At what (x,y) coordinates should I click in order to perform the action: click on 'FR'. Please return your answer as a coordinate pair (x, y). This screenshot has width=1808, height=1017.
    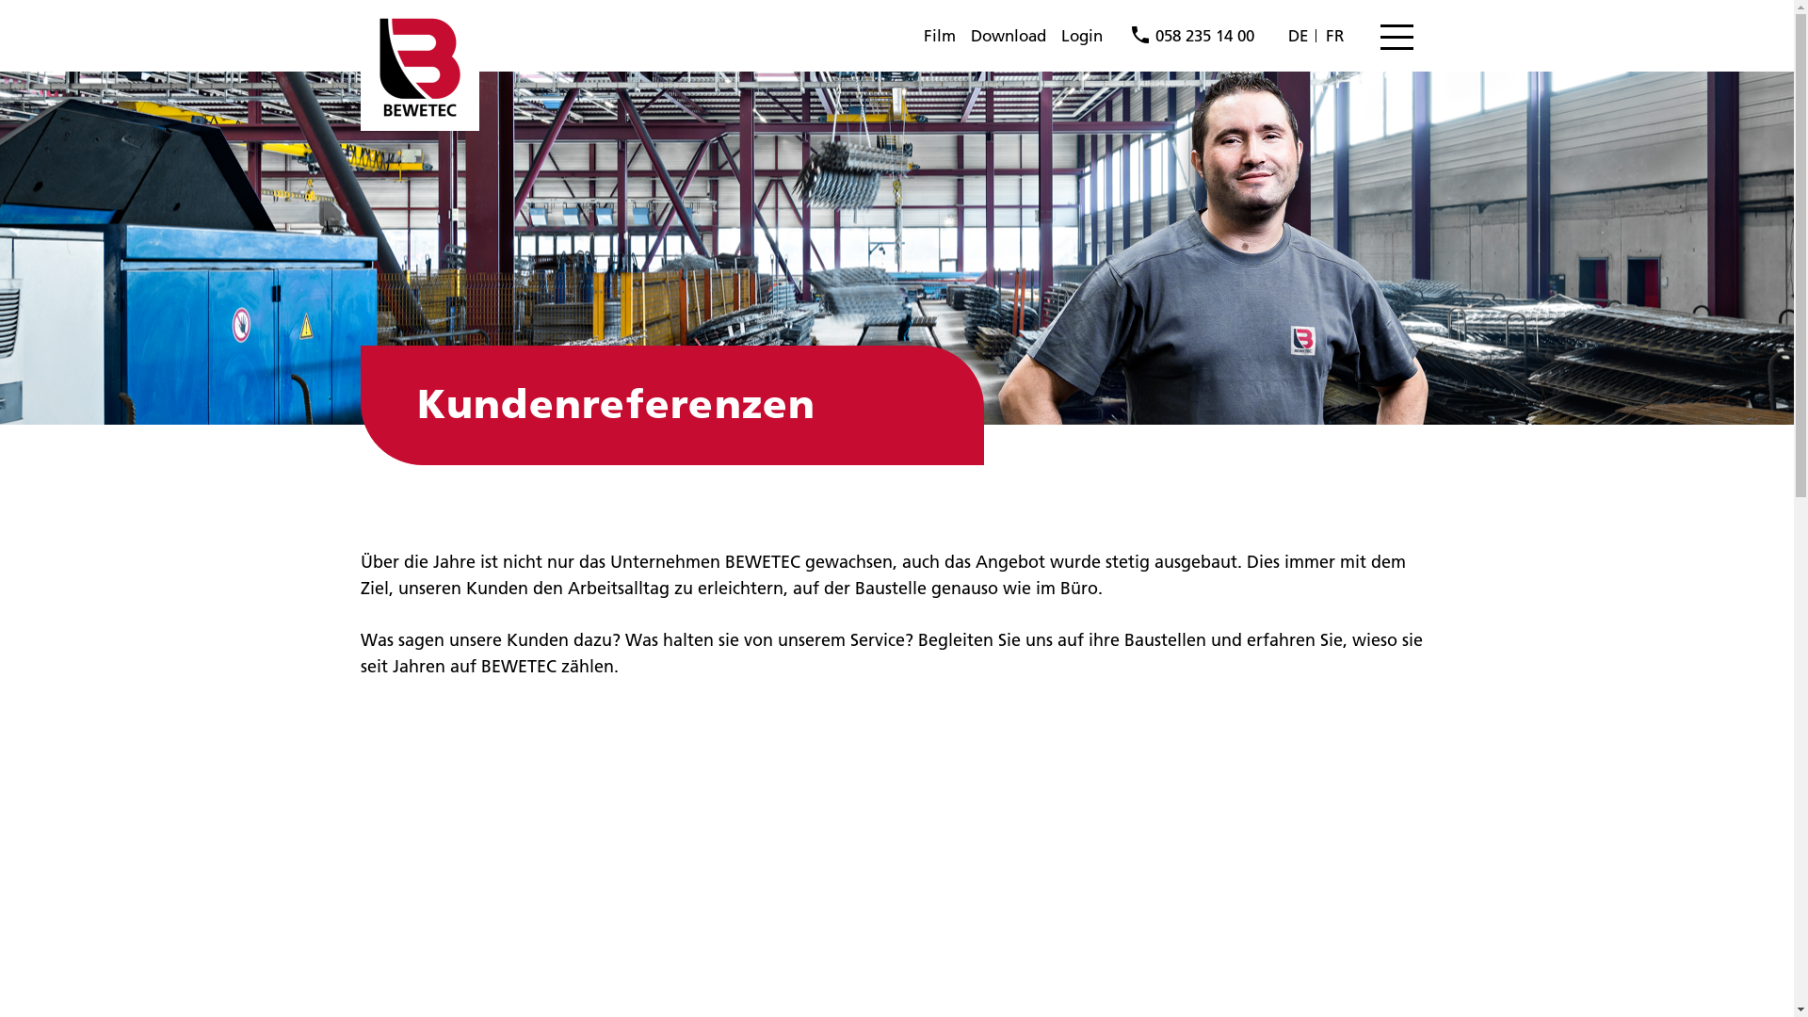
    Looking at the image, I should click on (1333, 36).